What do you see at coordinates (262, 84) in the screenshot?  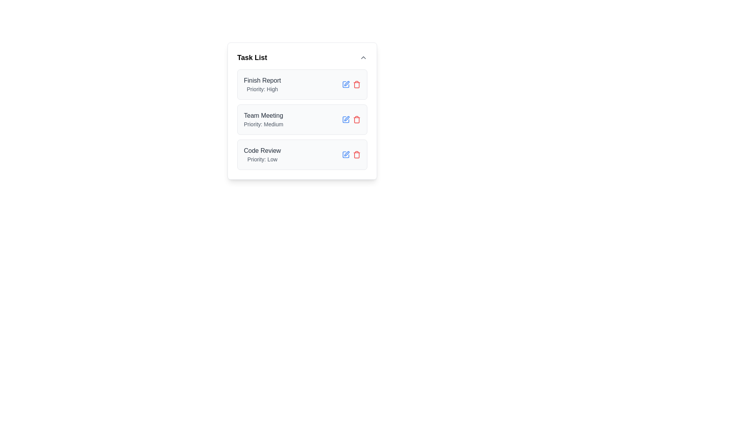 I see `the informational text display component located at the top-left of the topmost task item in the 'Task List' section` at bounding box center [262, 84].